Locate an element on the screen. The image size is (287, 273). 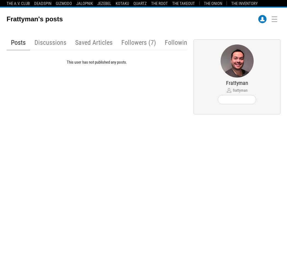
'Frattyman' is located at coordinates (236, 83).